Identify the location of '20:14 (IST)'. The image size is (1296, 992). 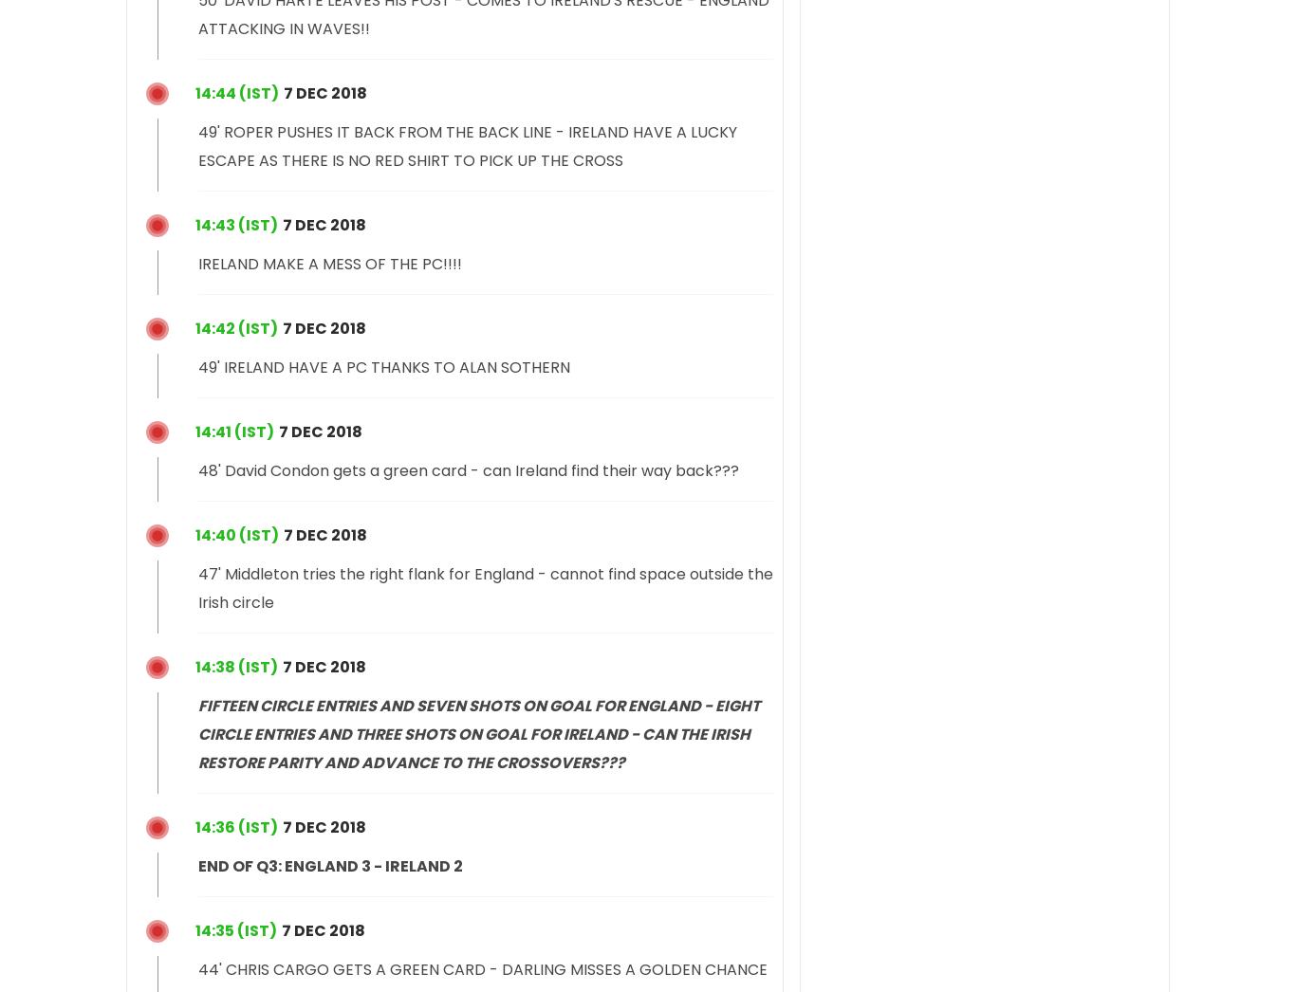
(236, 92).